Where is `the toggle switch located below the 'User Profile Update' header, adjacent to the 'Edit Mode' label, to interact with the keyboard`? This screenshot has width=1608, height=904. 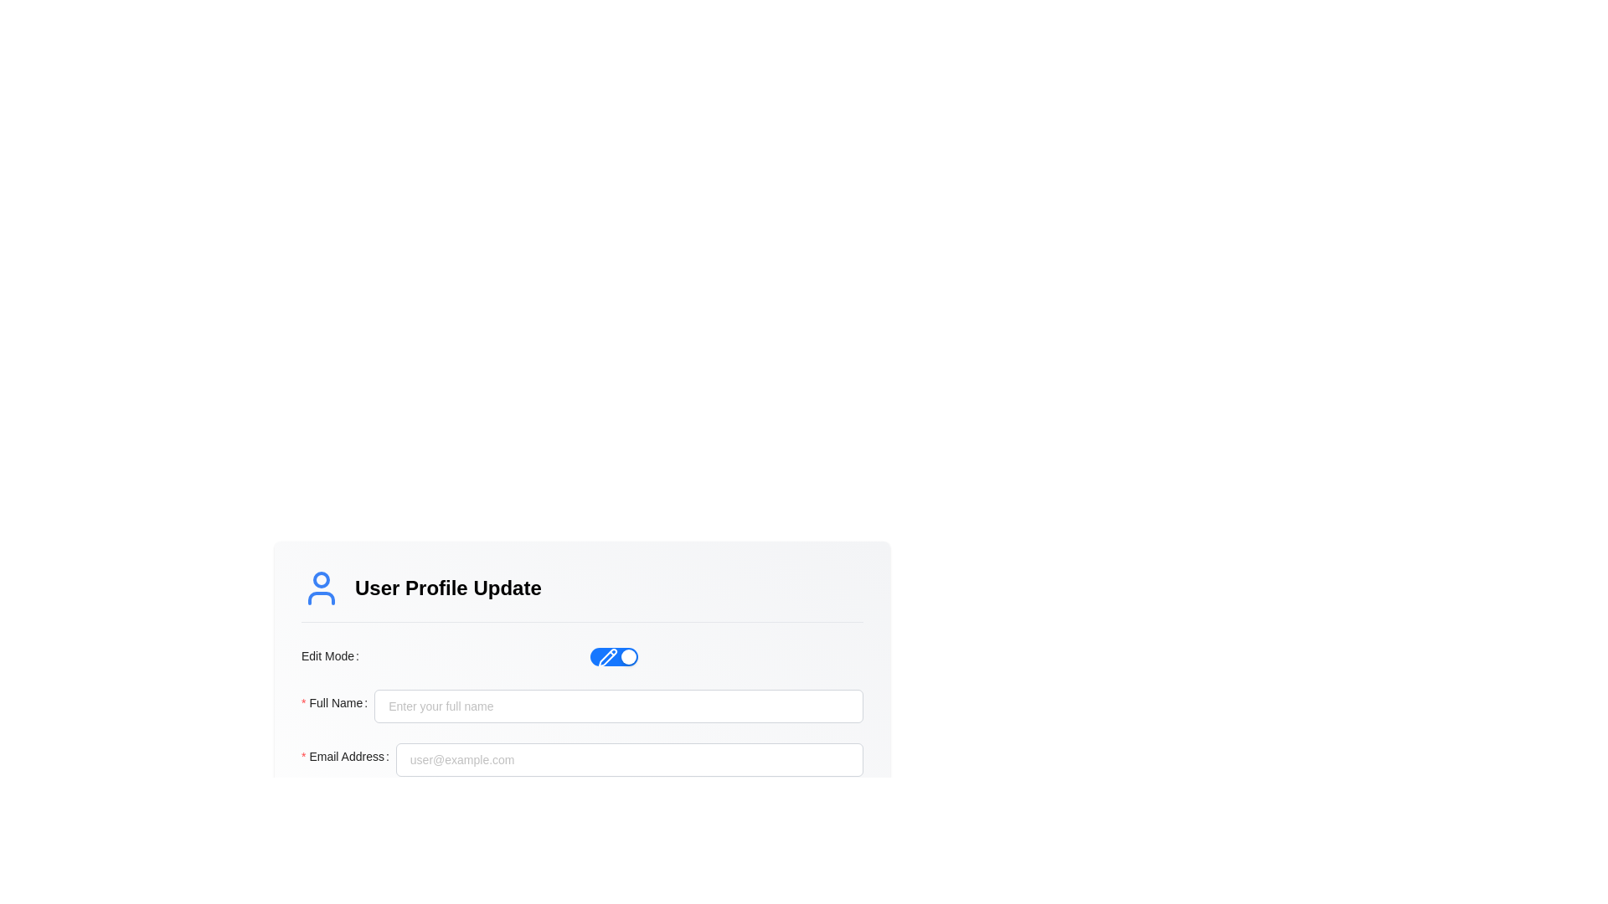
the toggle switch located below the 'User Profile Update' header, adjacent to the 'Edit Mode' label, to interact with the keyboard is located at coordinates (582, 648).